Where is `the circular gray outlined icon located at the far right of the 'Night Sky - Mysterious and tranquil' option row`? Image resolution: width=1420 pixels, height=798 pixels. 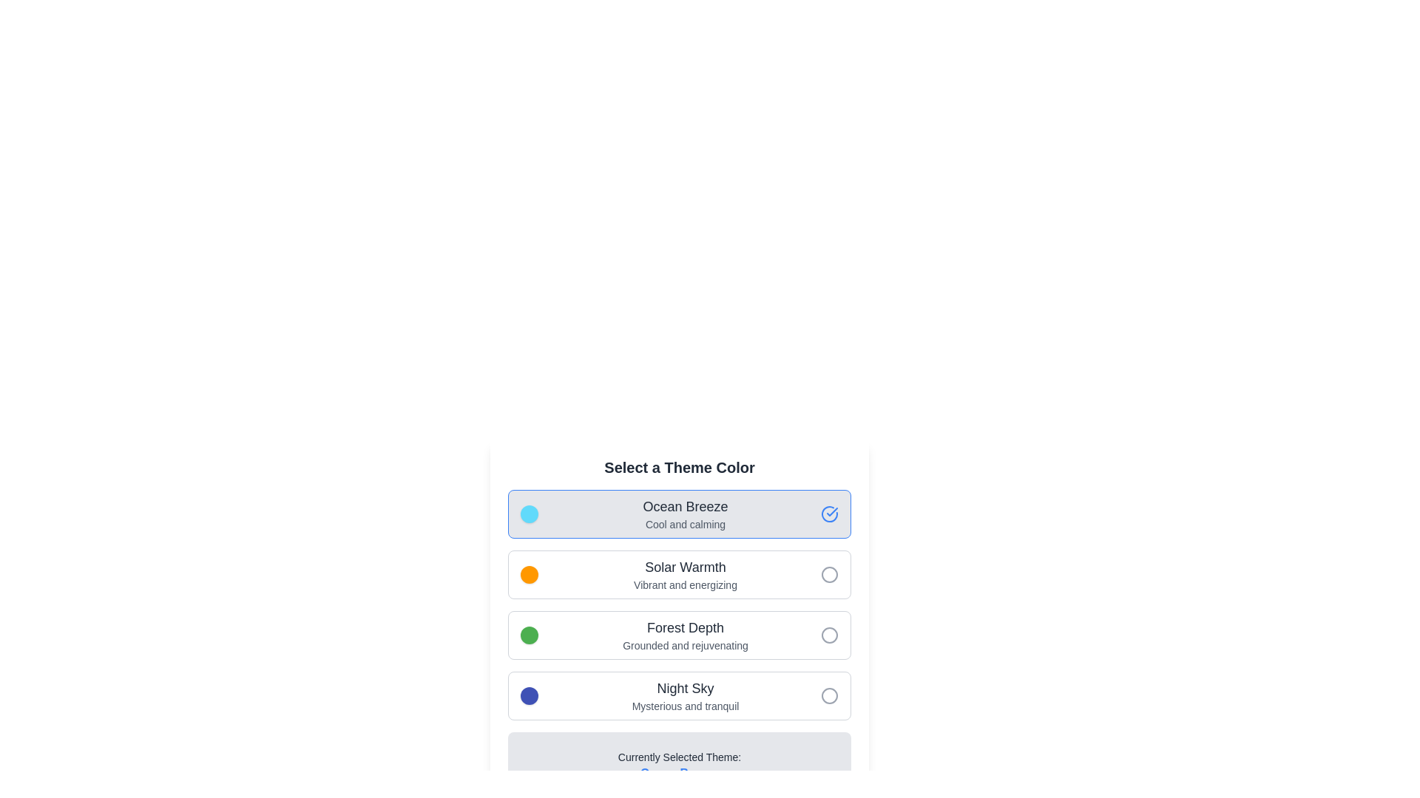 the circular gray outlined icon located at the far right of the 'Night Sky - Mysterious and tranquil' option row is located at coordinates (830, 695).